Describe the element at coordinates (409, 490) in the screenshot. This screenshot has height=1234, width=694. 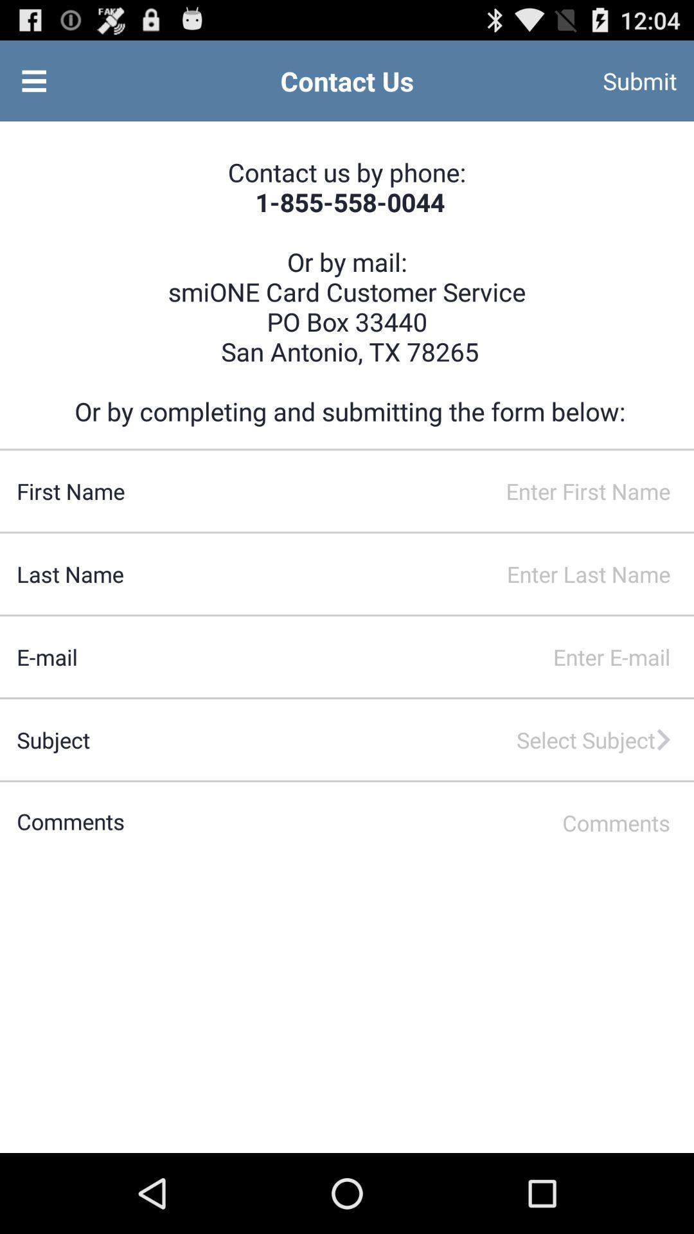
I see `first name` at that location.